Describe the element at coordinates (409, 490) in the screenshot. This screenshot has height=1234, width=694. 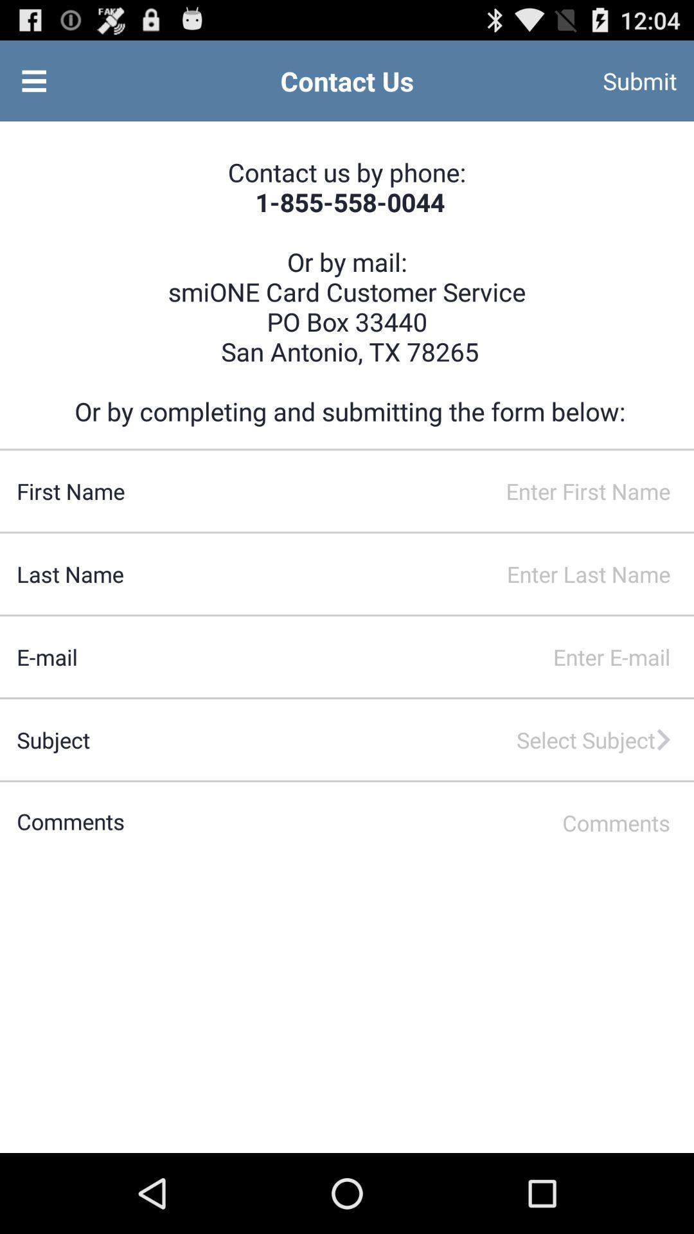
I see `first name` at that location.